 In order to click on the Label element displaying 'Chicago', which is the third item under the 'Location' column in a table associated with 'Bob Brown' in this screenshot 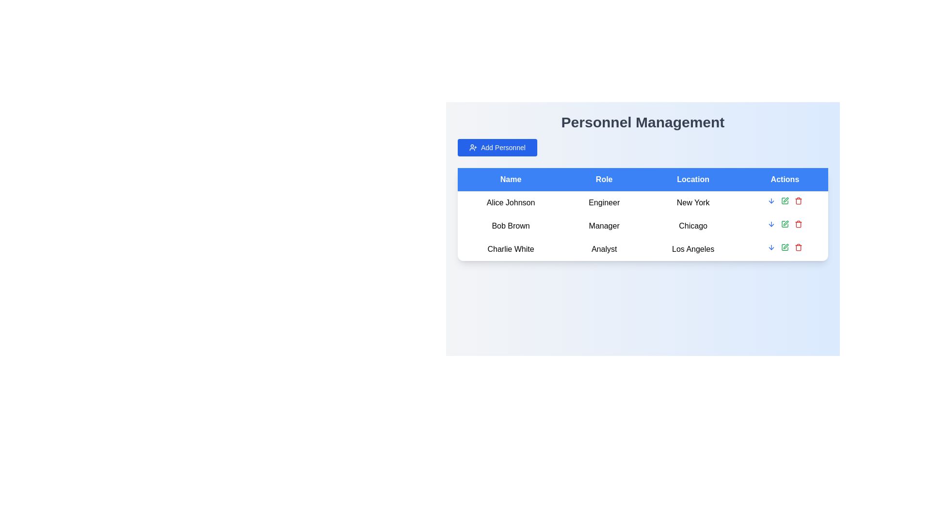, I will do `click(692, 226)`.